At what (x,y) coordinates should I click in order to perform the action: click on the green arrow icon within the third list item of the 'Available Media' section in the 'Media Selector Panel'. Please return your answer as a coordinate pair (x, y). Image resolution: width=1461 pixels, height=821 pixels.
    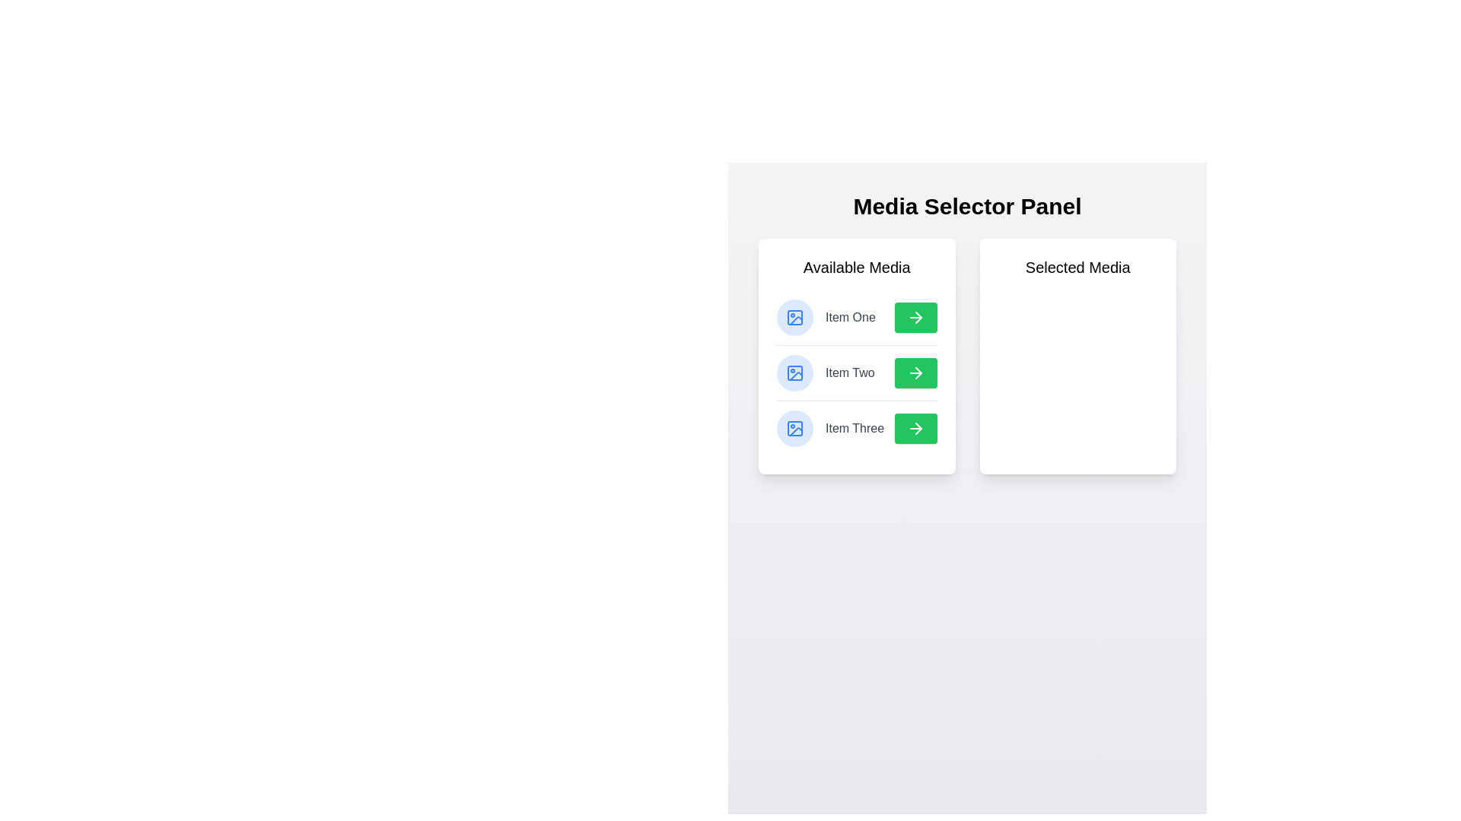
    Looking at the image, I should click on (917, 428).